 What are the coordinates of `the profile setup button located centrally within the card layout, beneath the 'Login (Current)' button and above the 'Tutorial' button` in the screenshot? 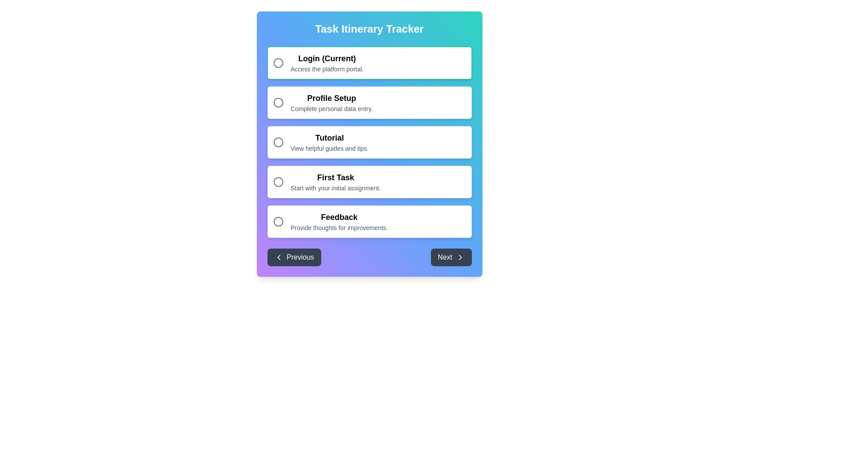 It's located at (369, 102).